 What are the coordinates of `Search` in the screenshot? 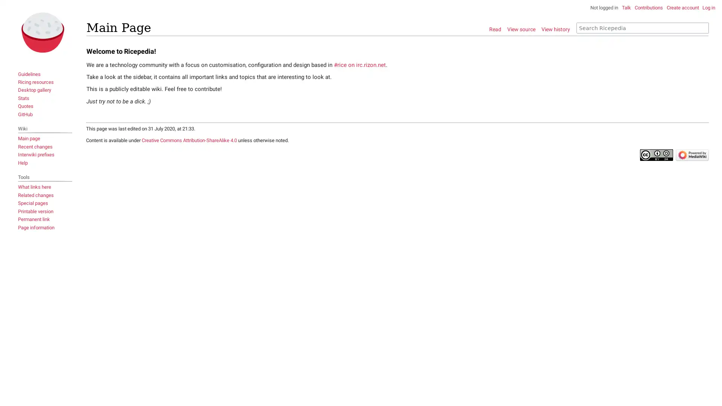 It's located at (703, 27).